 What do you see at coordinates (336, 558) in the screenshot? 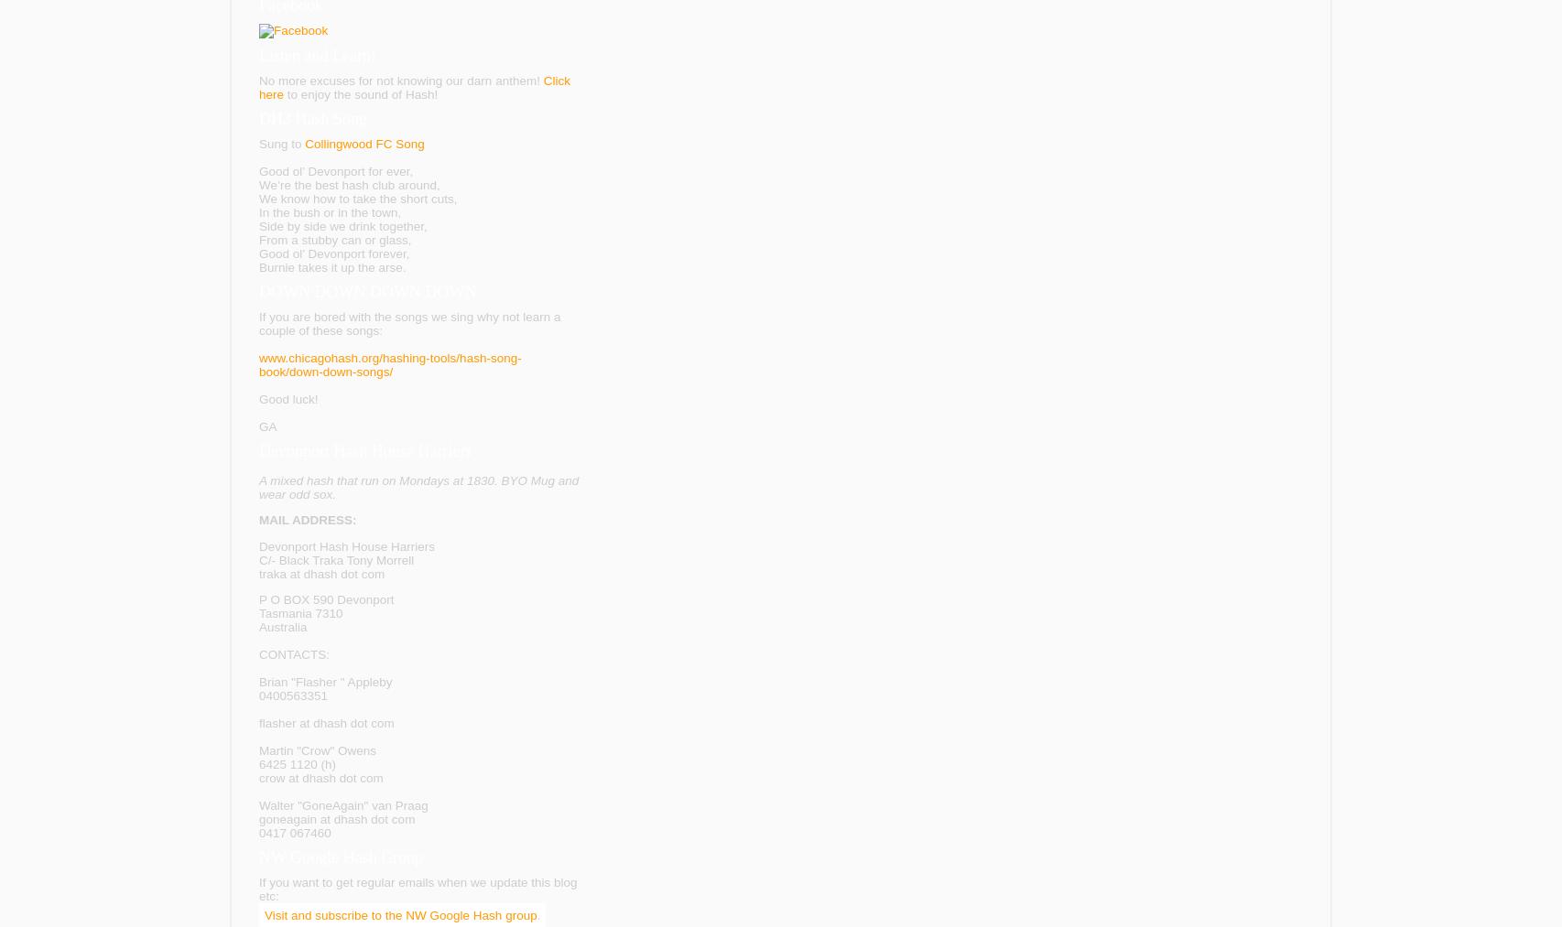
I see `'C/- Black Traka Tony Morrell'` at bounding box center [336, 558].